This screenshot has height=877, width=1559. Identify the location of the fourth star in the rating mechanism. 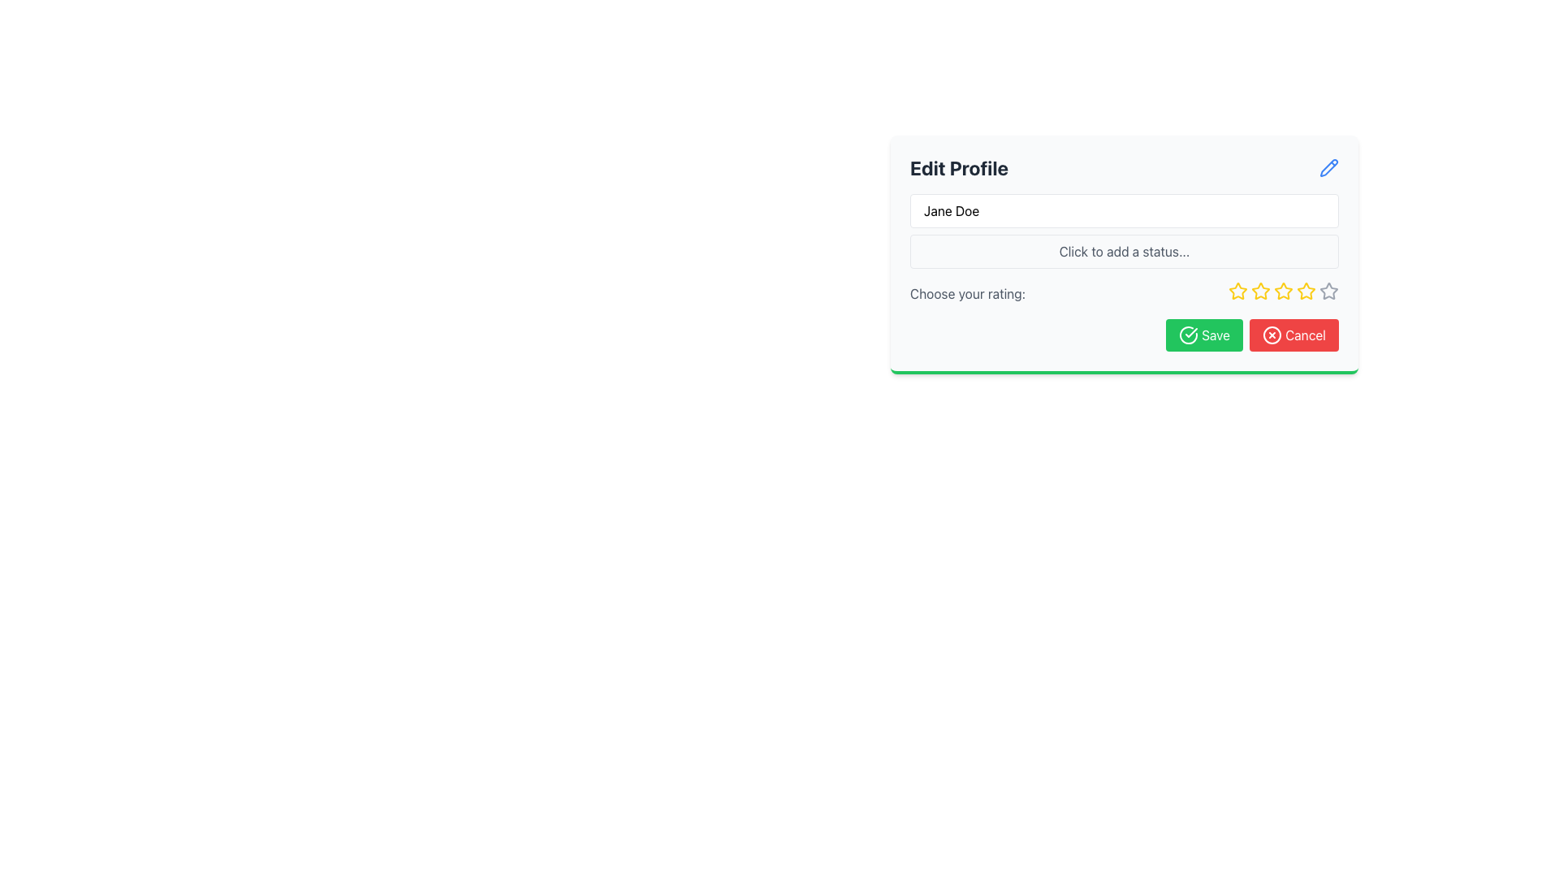
(1306, 290).